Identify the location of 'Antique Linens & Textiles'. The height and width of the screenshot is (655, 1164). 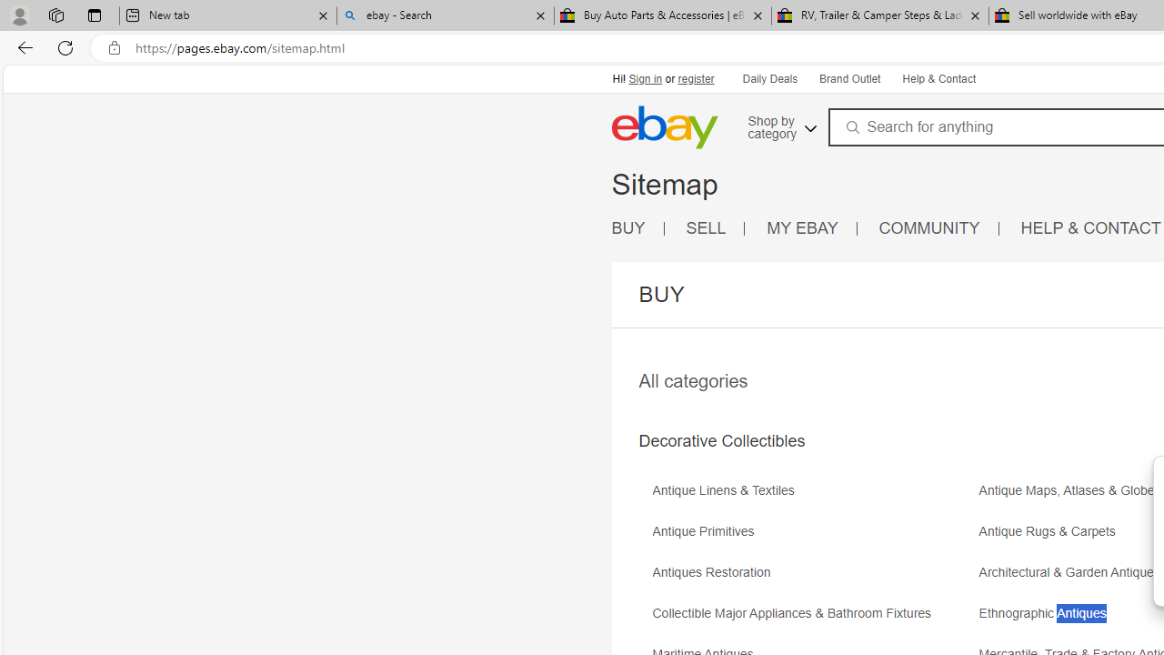
(727, 489).